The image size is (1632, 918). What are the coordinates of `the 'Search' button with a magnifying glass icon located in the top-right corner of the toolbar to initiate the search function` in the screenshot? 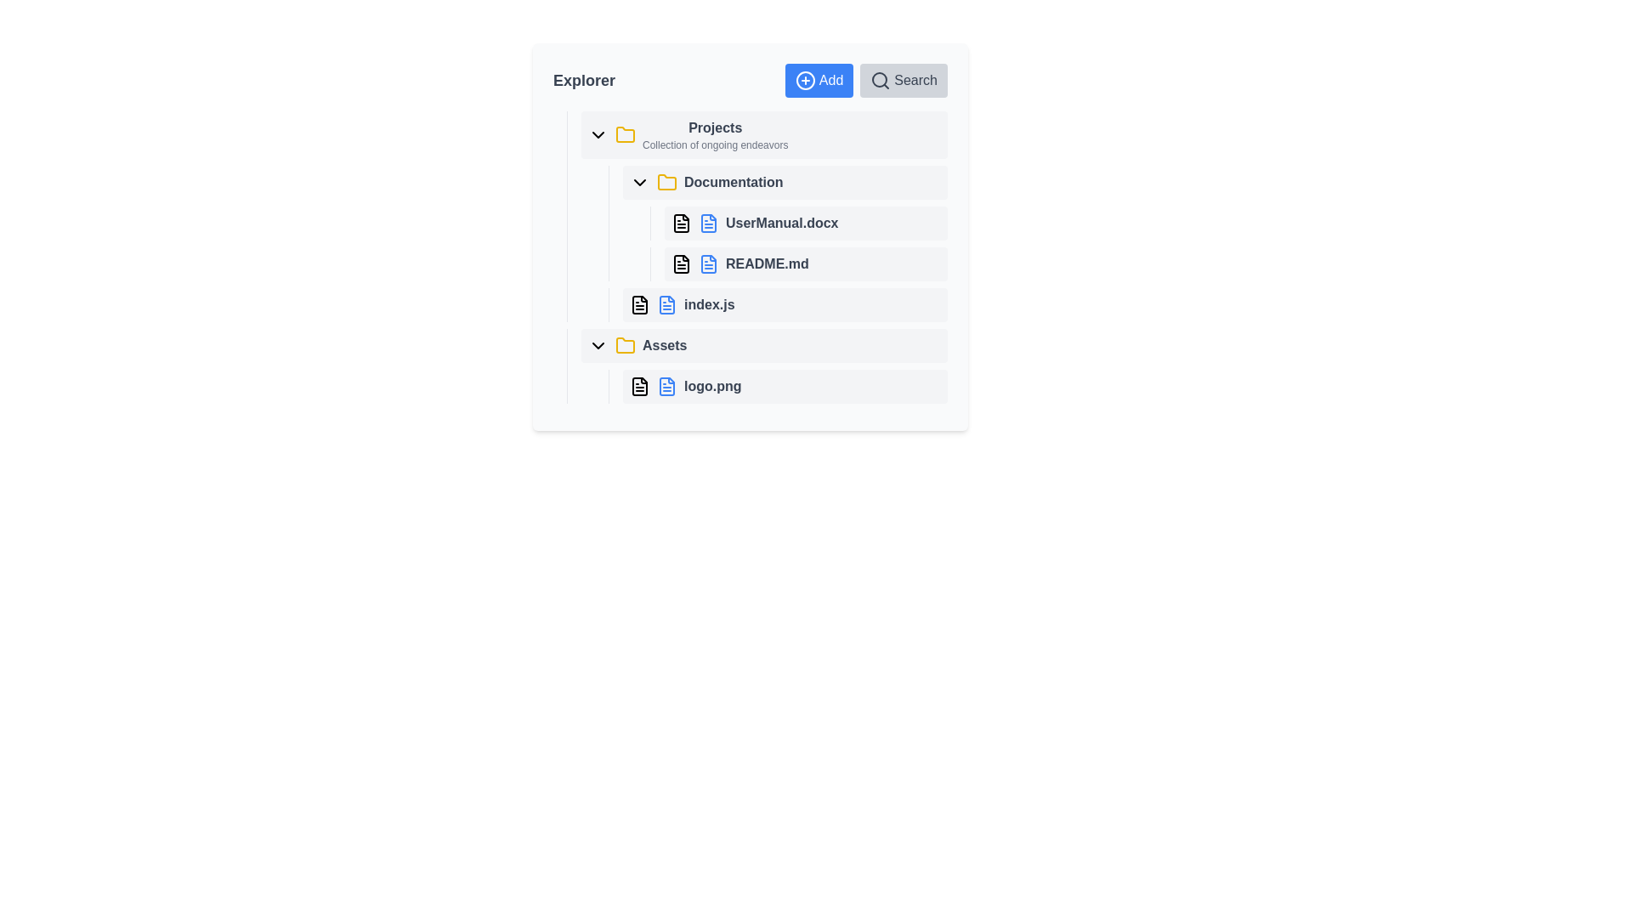 It's located at (903, 81).